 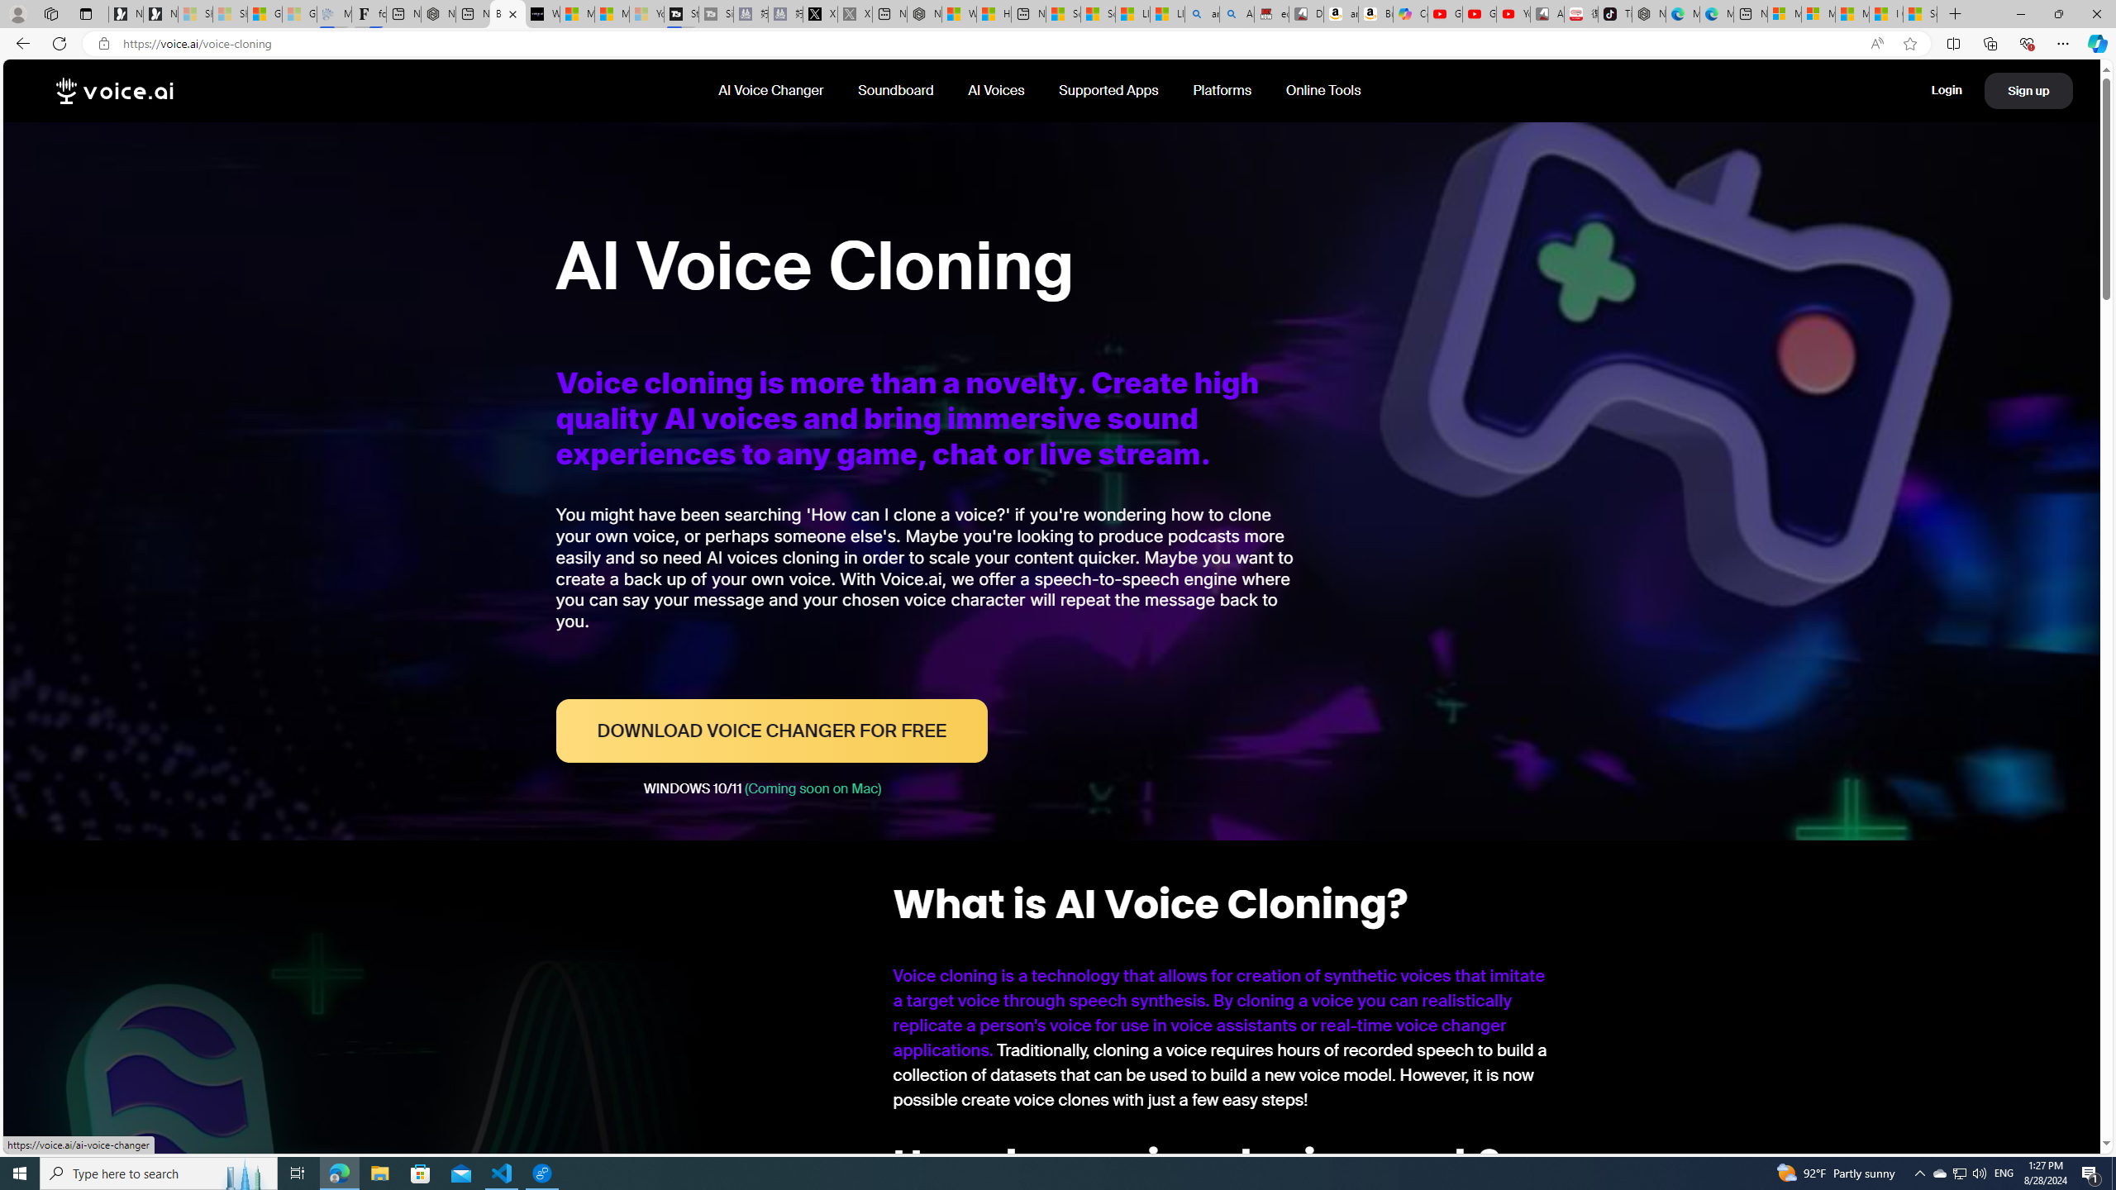 I want to click on 'Best AI Voice Cloning Software For Free - Voice.AI', so click(x=508, y=13).